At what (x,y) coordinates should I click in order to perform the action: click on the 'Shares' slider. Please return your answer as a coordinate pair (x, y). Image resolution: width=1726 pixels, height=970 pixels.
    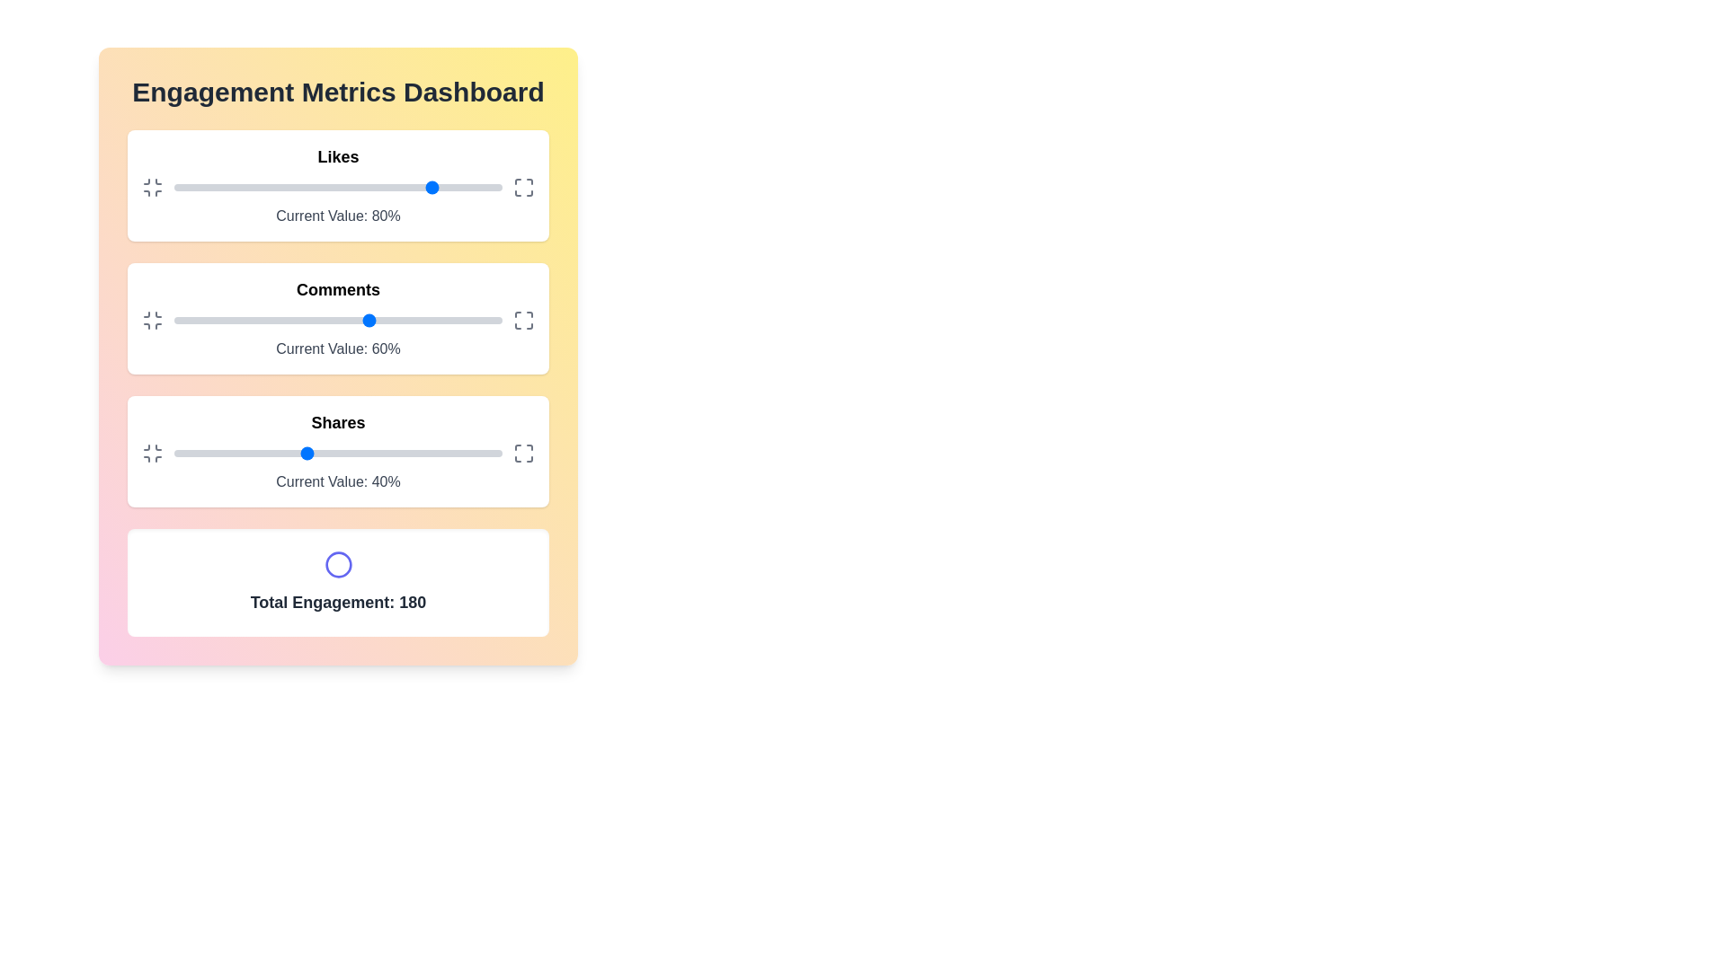
    Looking at the image, I should click on (207, 453).